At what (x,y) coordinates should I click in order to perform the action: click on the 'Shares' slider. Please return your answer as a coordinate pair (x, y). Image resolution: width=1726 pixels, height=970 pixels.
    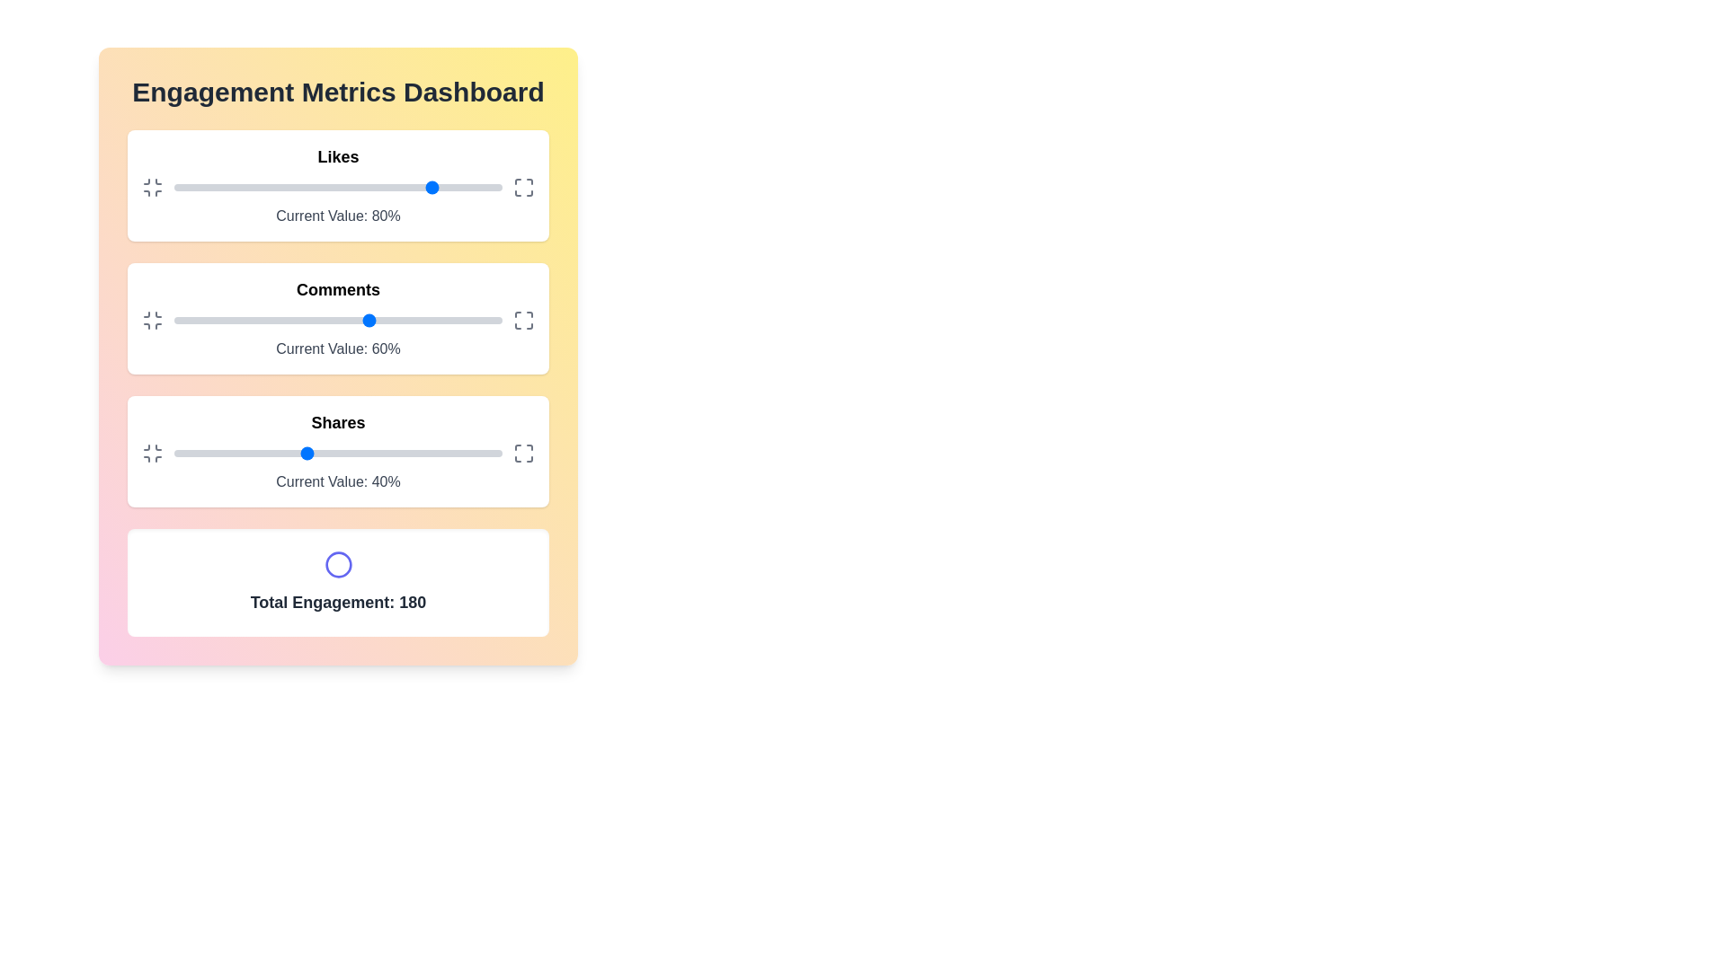
    Looking at the image, I should click on (207, 453).